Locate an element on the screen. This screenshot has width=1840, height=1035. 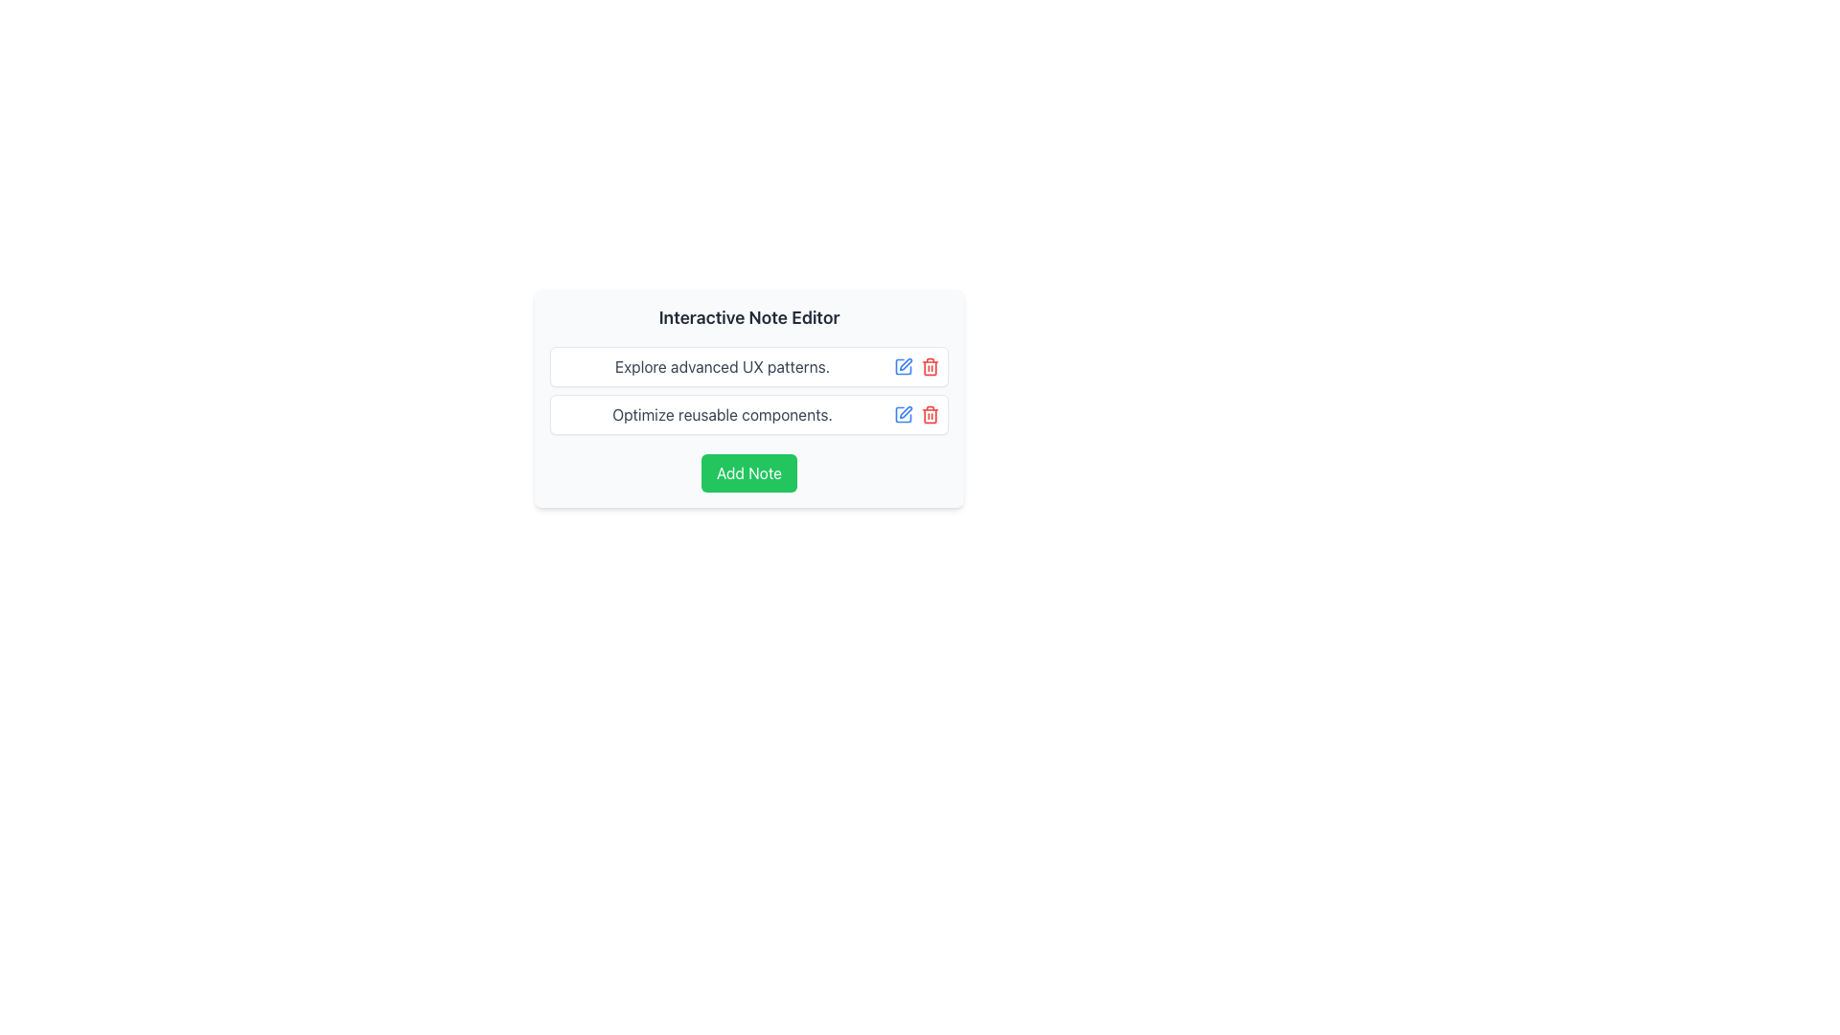
the edit button located immediately to the right of the text 'Explore advanced UX patterns.' to change its color indicating interactivity is located at coordinates (902, 366).